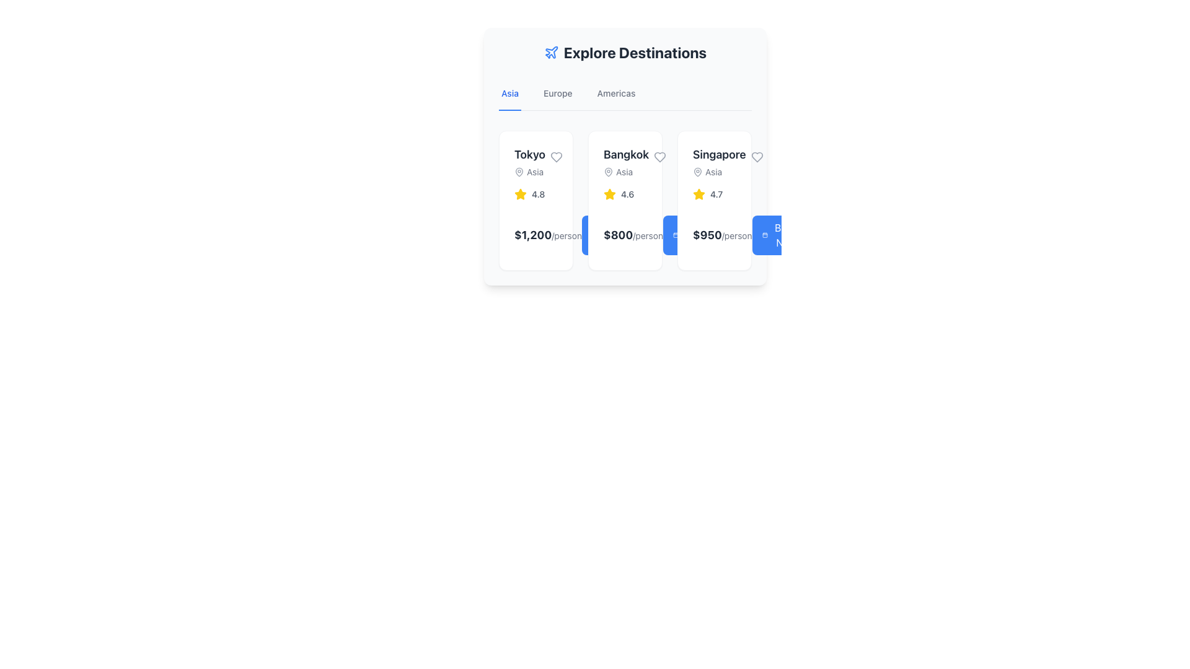  What do you see at coordinates (659, 157) in the screenshot?
I see `the second heart icon button indicating a favorite functionality for Bangkok` at bounding box center [659, 157].